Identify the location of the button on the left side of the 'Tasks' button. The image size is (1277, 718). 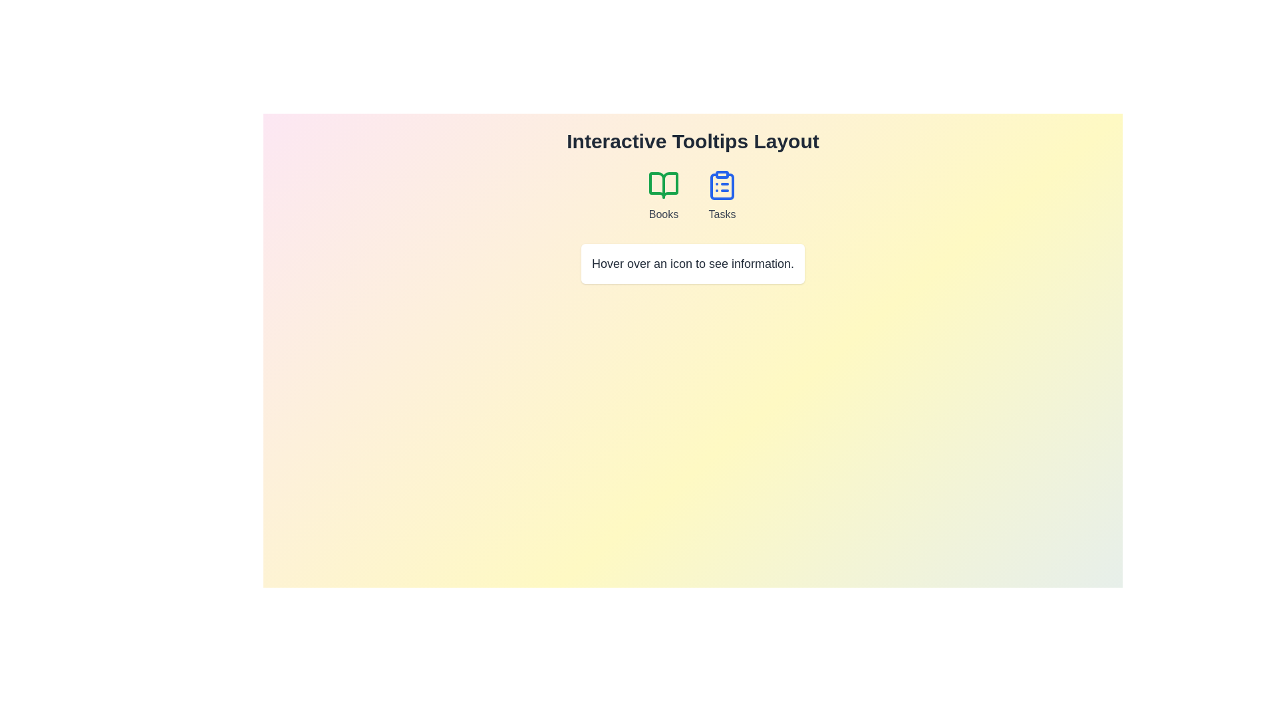
(664, 195).